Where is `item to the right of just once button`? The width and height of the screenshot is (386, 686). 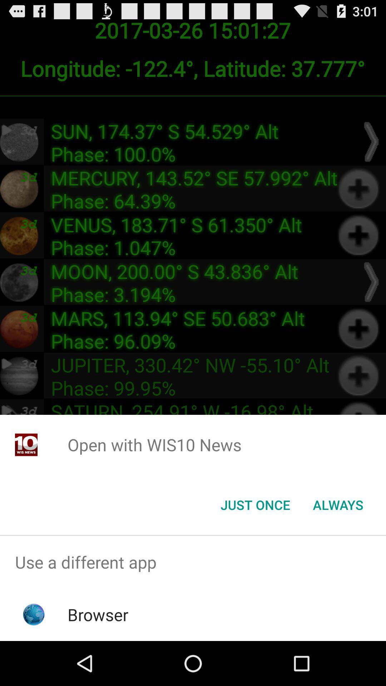 item to the right of just once button is located at coordinates (338, 504).